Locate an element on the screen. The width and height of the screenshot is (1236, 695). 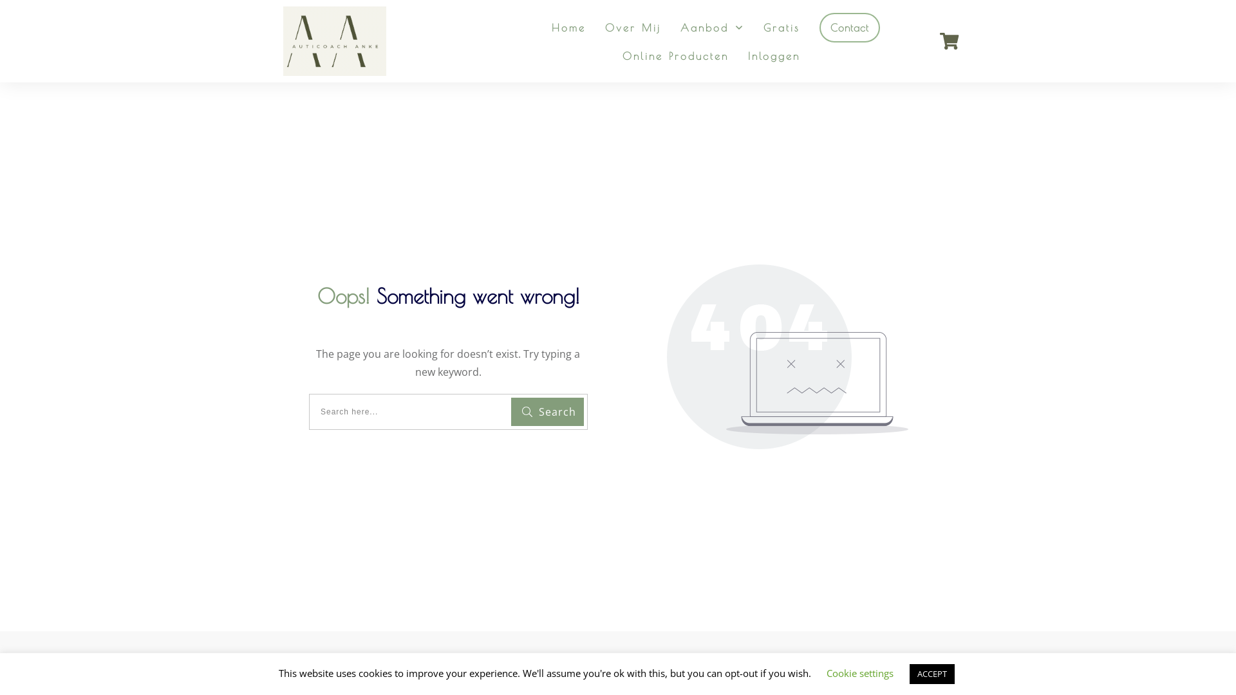
'Search' is located at coordinates (547, 412).